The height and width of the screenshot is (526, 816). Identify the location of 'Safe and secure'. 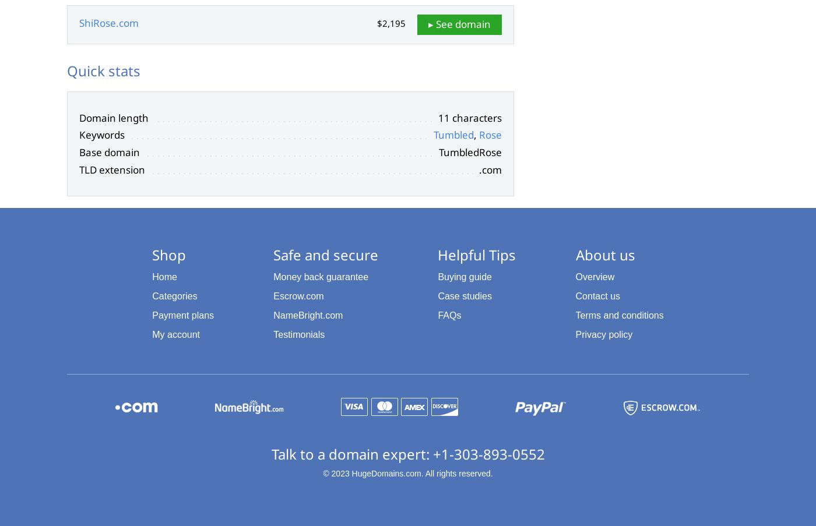
(273, 254).